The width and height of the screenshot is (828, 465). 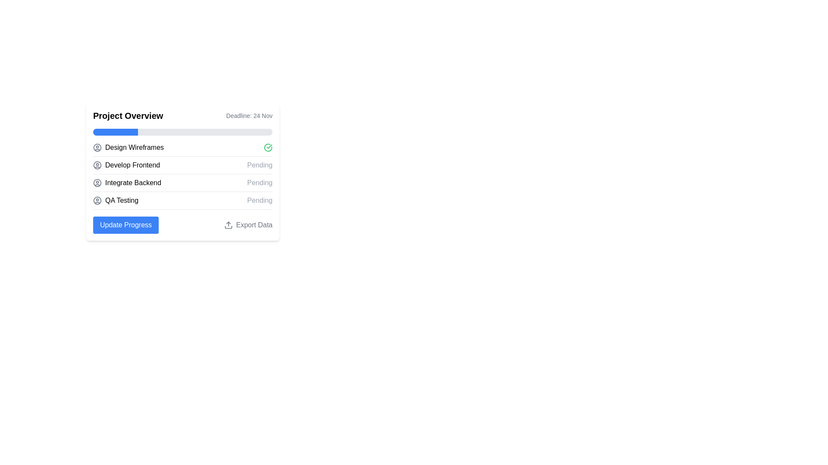 What do you see at coordinates (126, 182) in the screenshot?
I see `the text label reading 'Integrate Backend', which is the third item in a vertical list of tasks, positioned between 'Develop Frontend' and 'QA Testing'` at bounding box center [126, 182].